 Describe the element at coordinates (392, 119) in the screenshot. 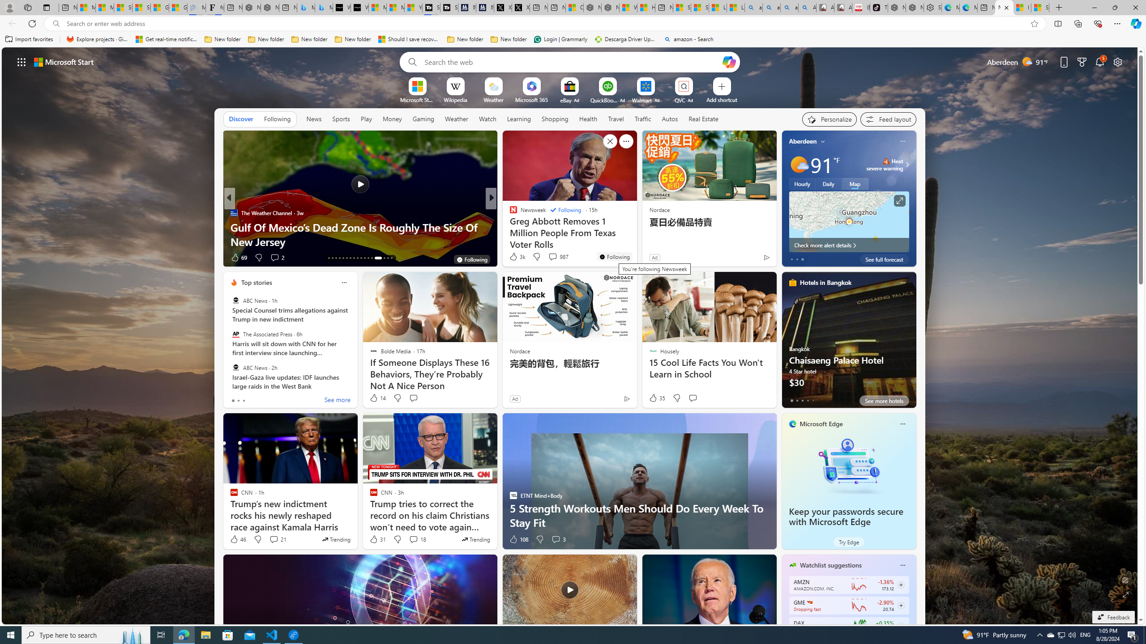

I see `'Money'` at that location.